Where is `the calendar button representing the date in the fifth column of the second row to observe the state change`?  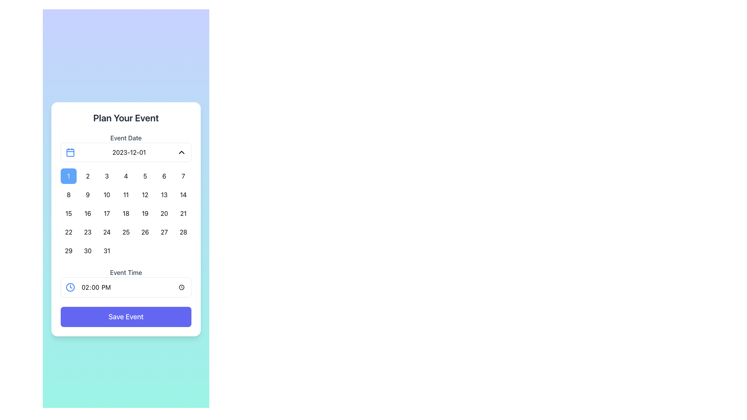
the calendar button representing the date in the fifth column of the second row to observe the state change is located at coordinates (145, 194).